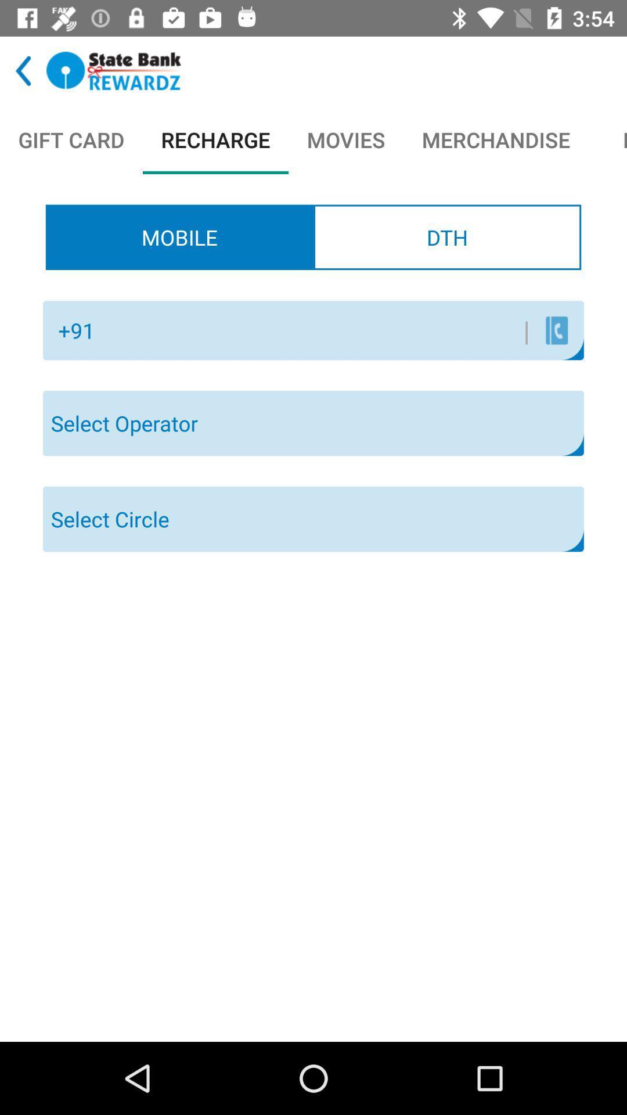 This screenshot has height=1115, width=627. Describe the element at coordinates (556, 330) in the screenshot. I see `address book` at that location.